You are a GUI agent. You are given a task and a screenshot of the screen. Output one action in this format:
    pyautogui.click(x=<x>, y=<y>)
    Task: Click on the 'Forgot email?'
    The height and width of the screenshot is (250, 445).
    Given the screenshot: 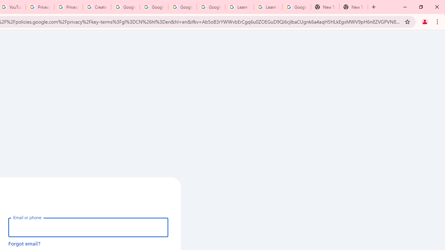 What is the action you would take?
    pyautogui.click(x=24, y=243)
    